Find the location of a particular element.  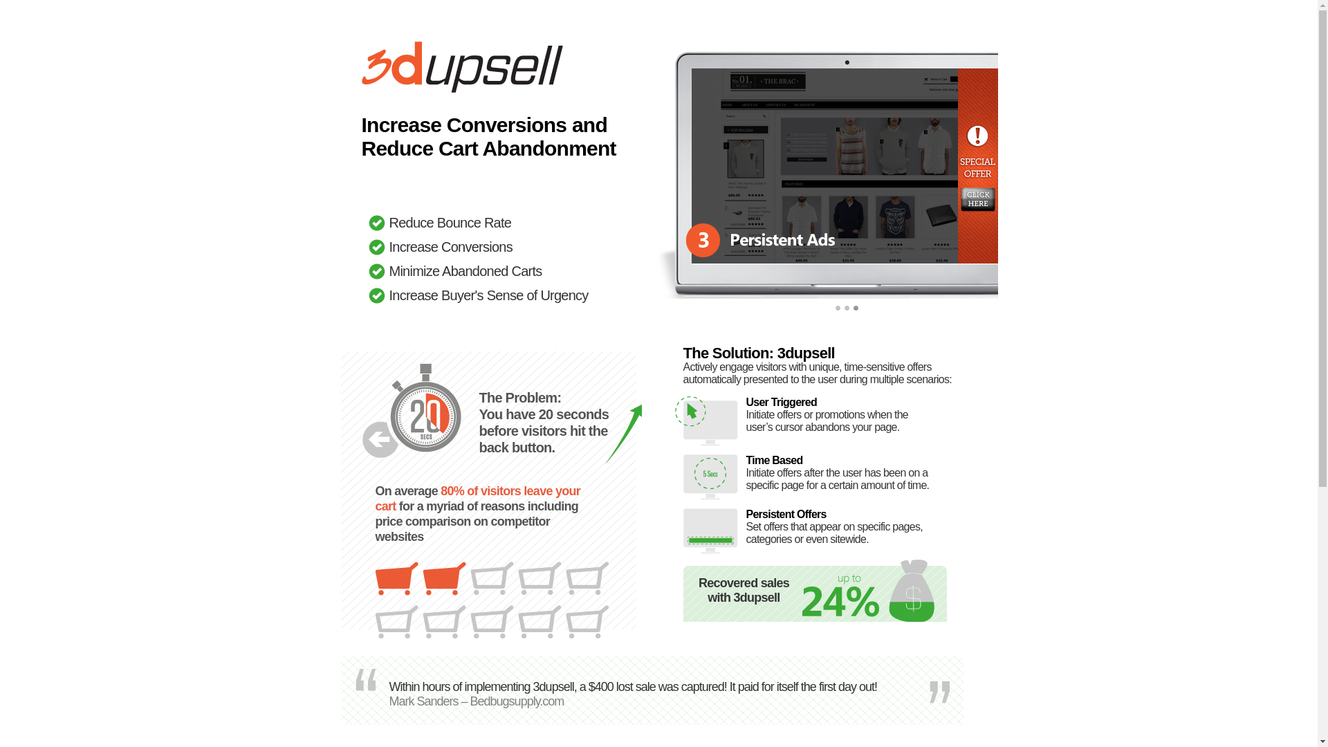

'1' is located at coordinates (838, 312).